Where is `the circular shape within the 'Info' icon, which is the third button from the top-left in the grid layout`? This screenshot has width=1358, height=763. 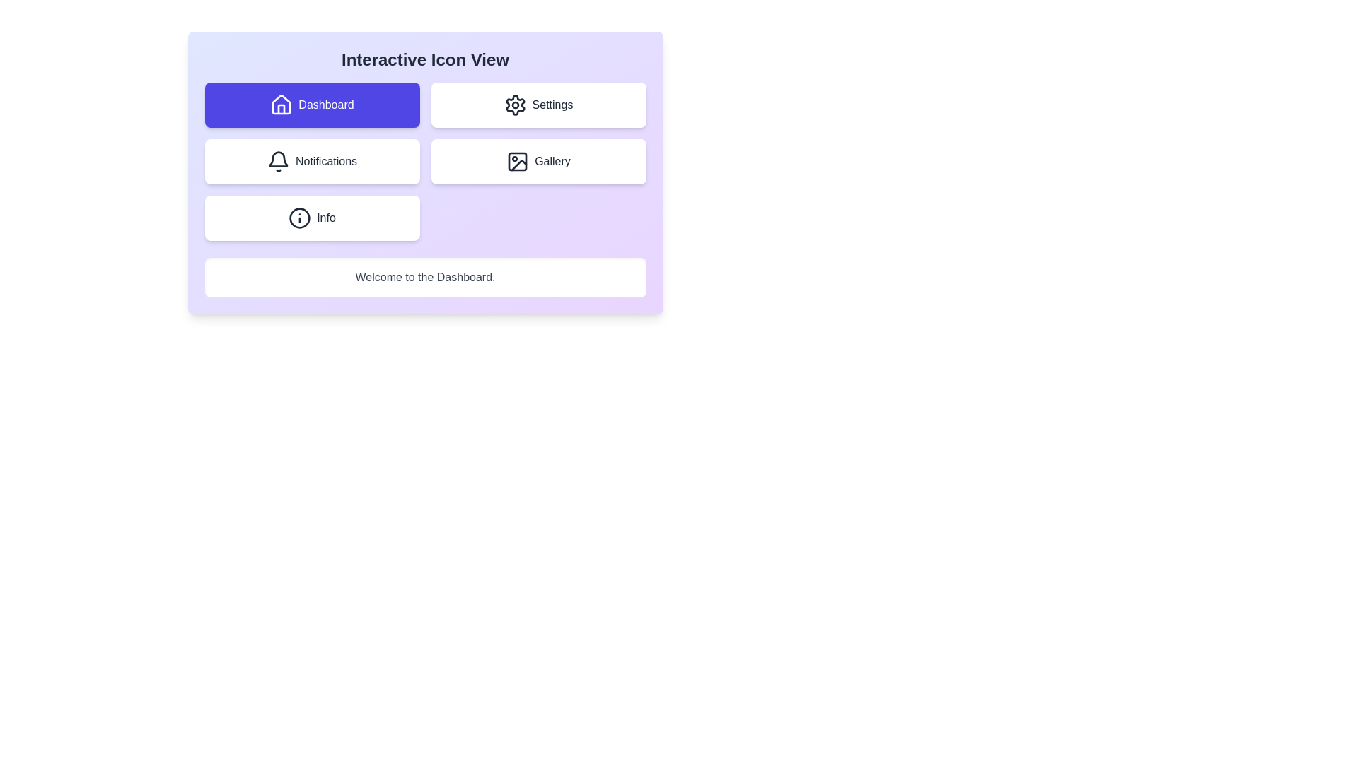 the circular shape within the 'Info' icon, which is the third button from the top-left in the grid layout is located at coordinates (299, 218).